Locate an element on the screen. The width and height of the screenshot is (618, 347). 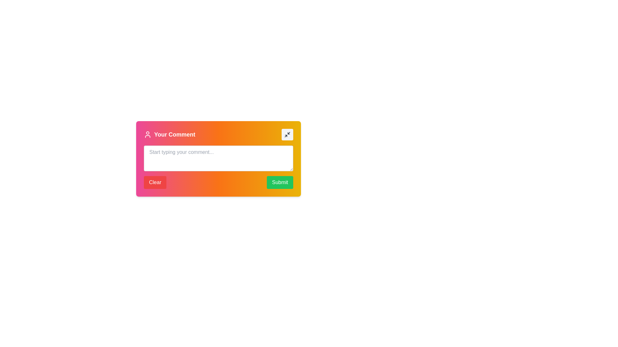
the 'Submit' button, which is a rectangular button with white text on a green background, located at the bottom-right of the comment input card is located at coordinates (280, 182).